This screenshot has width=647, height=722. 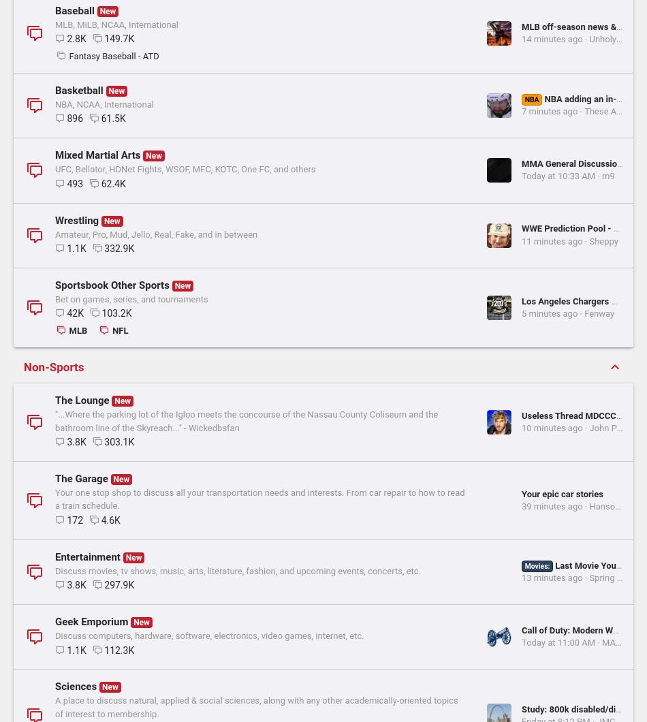 What do you see at coordinates (307, 139) in the screenshot?
I see `'Denmark:'` at bounding box center [307, 139].